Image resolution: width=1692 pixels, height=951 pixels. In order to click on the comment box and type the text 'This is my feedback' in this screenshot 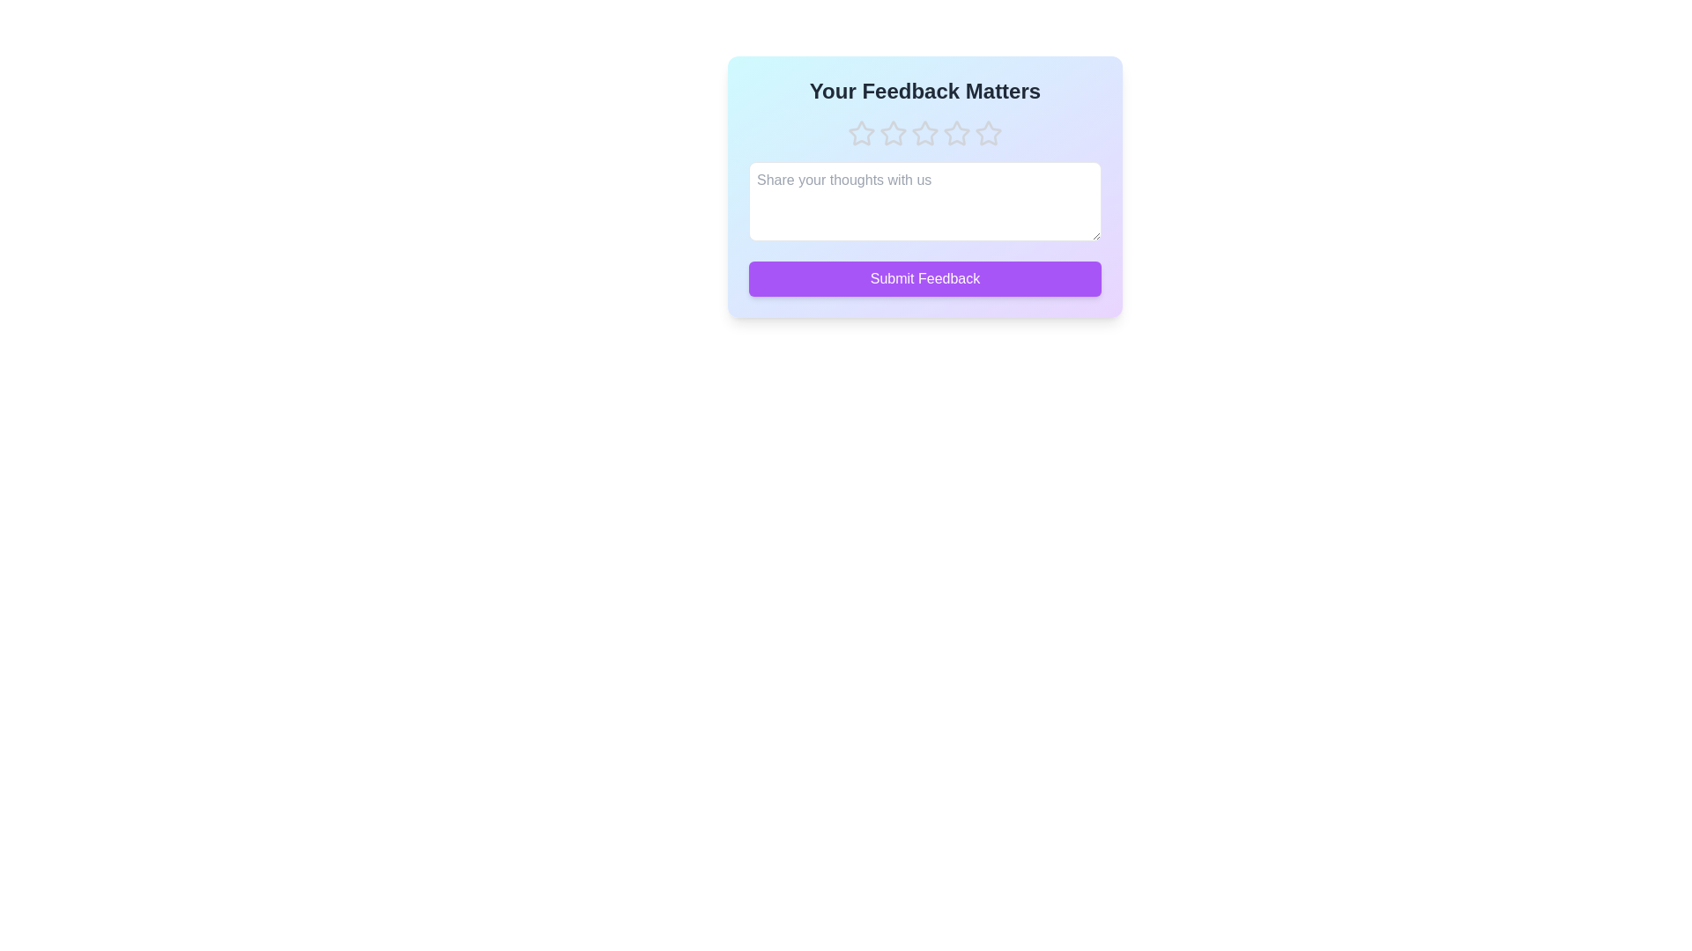, I will do `click(924, 200)`.